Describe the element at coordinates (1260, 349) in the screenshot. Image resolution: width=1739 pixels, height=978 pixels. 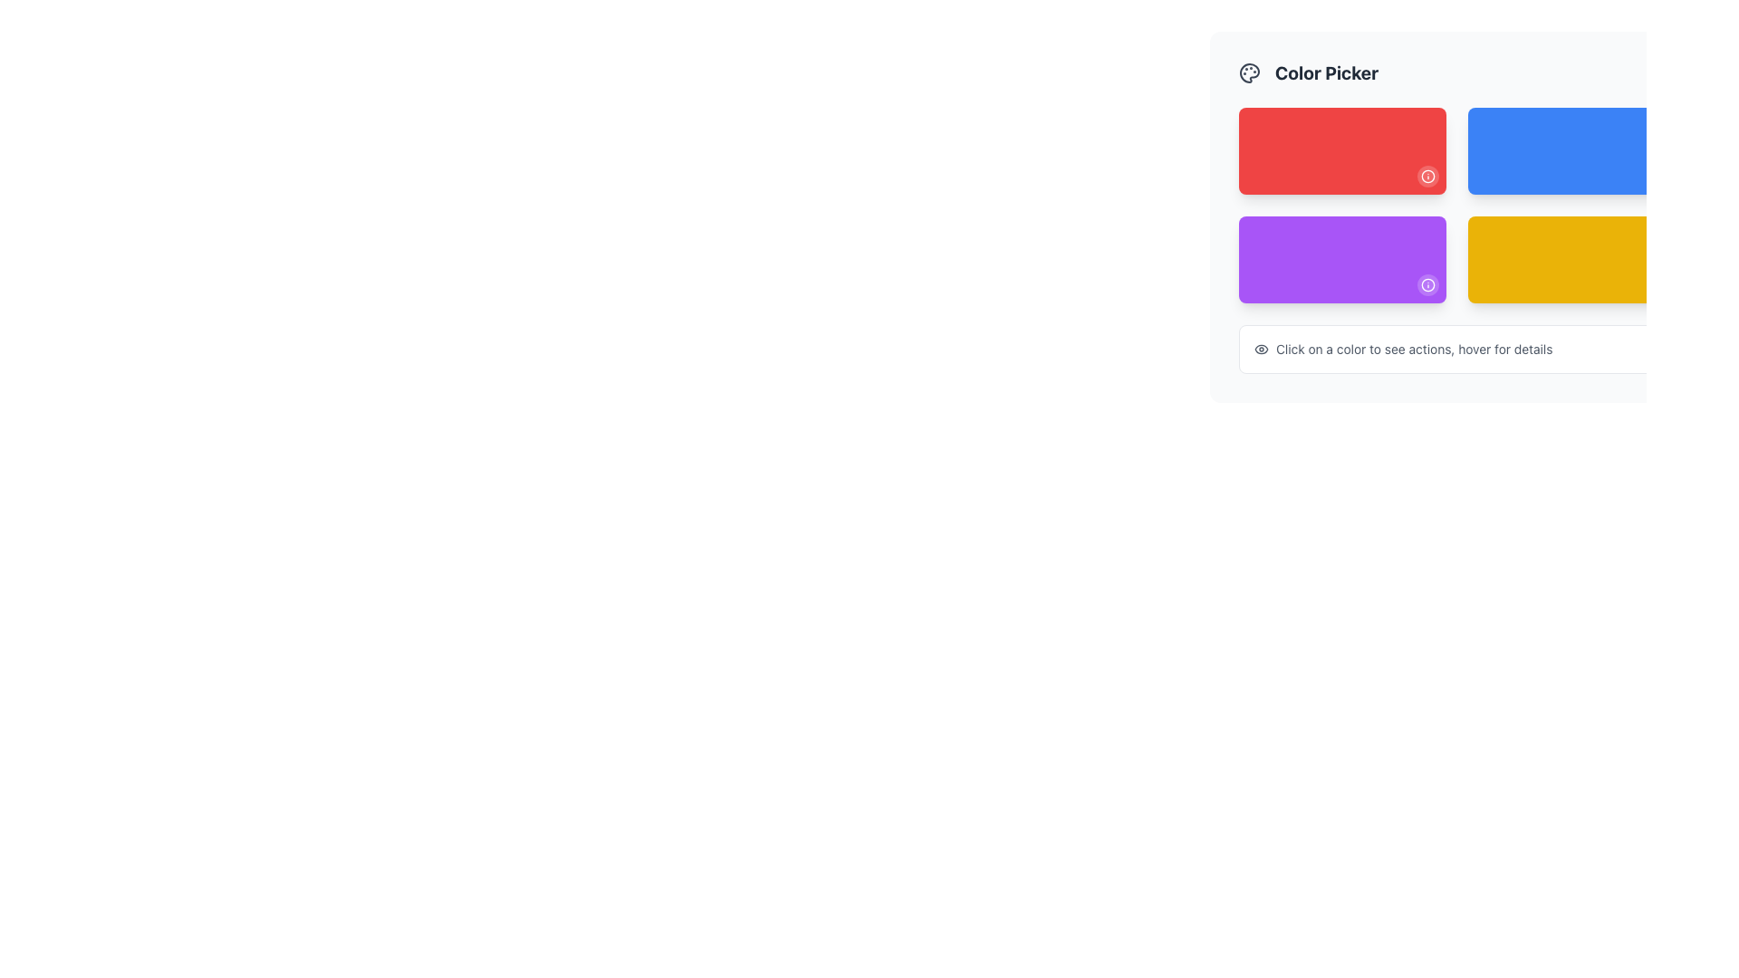
I see `the eye icon located to the left of the text 'Click on a color` at that location.